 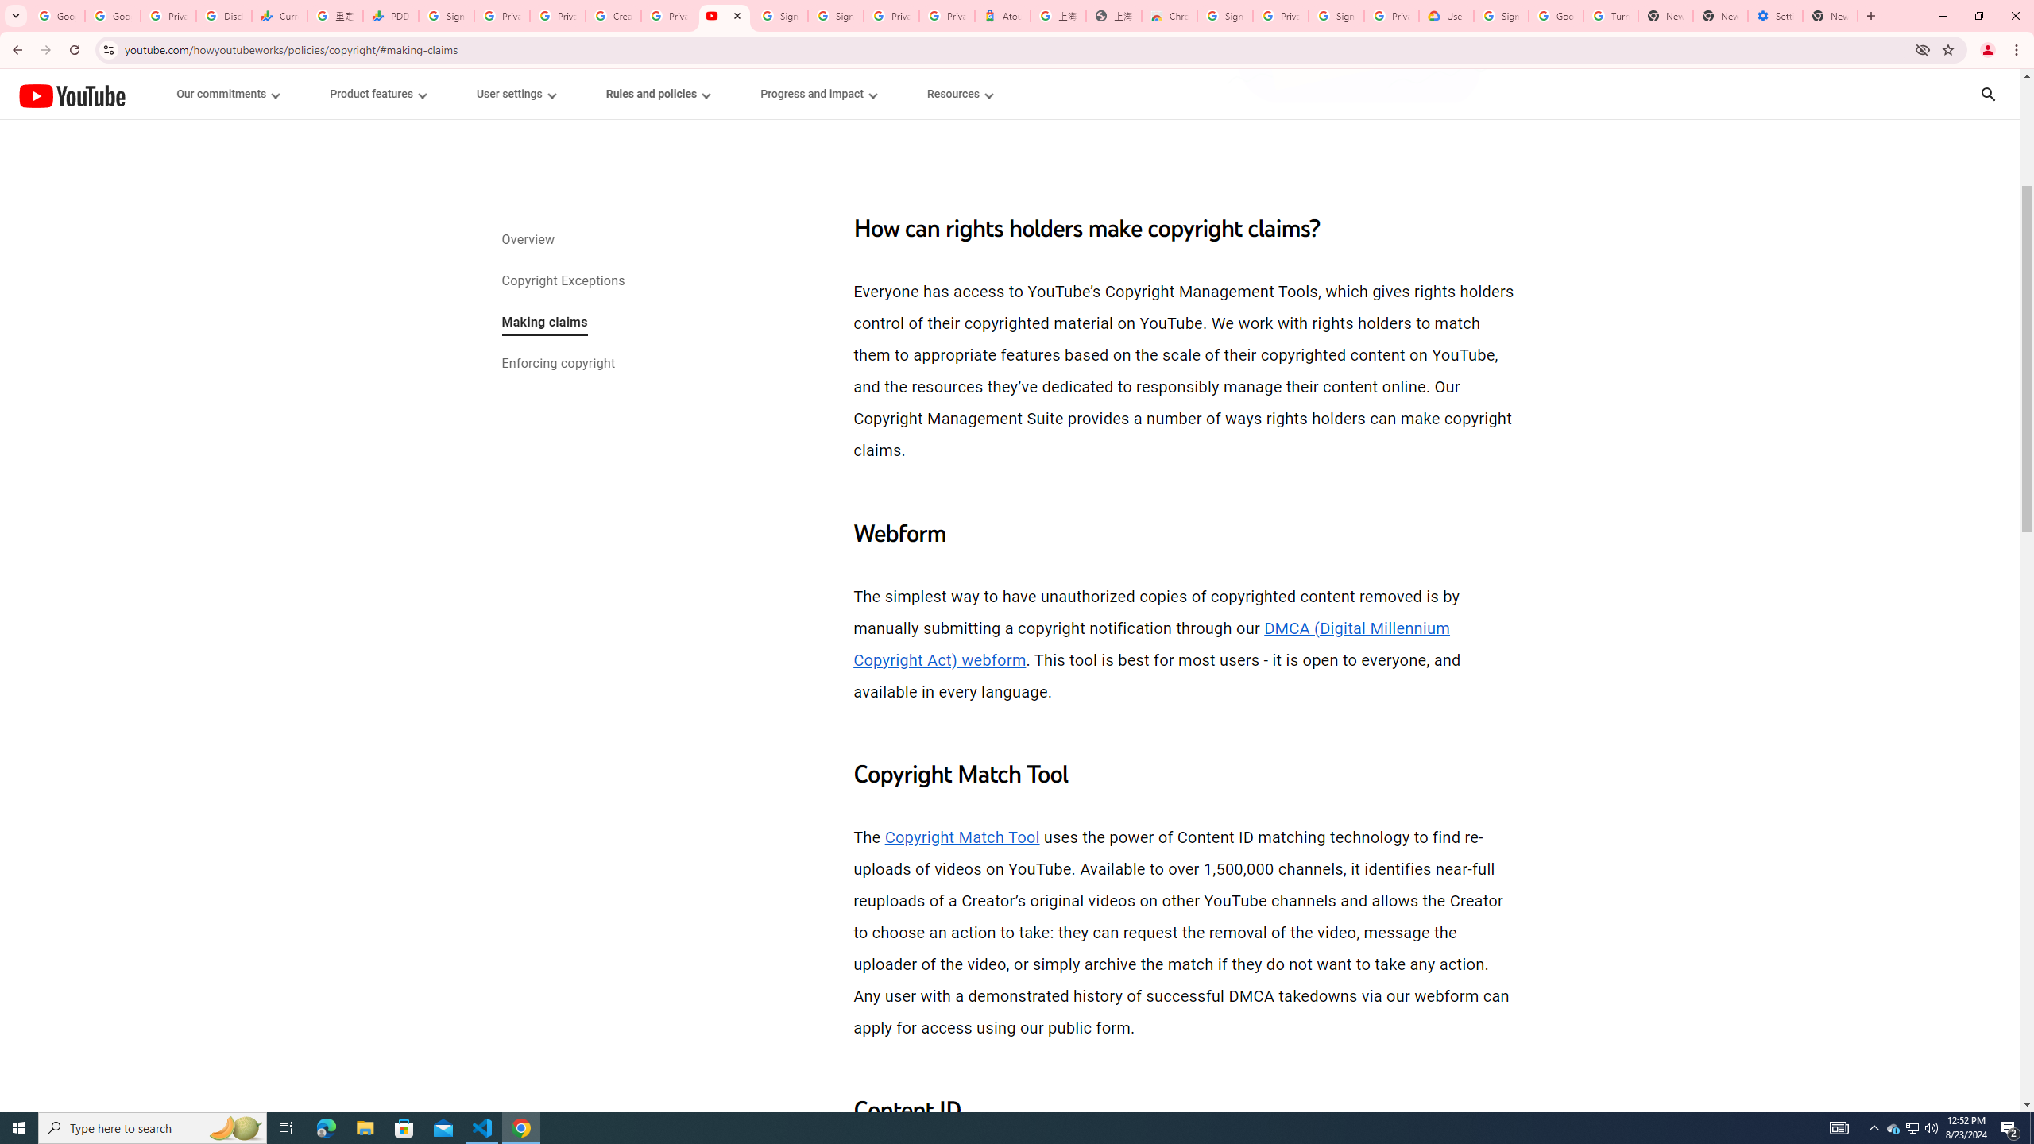 I want to click on 'Copyright Match Tool', so click(x=961, y=837).